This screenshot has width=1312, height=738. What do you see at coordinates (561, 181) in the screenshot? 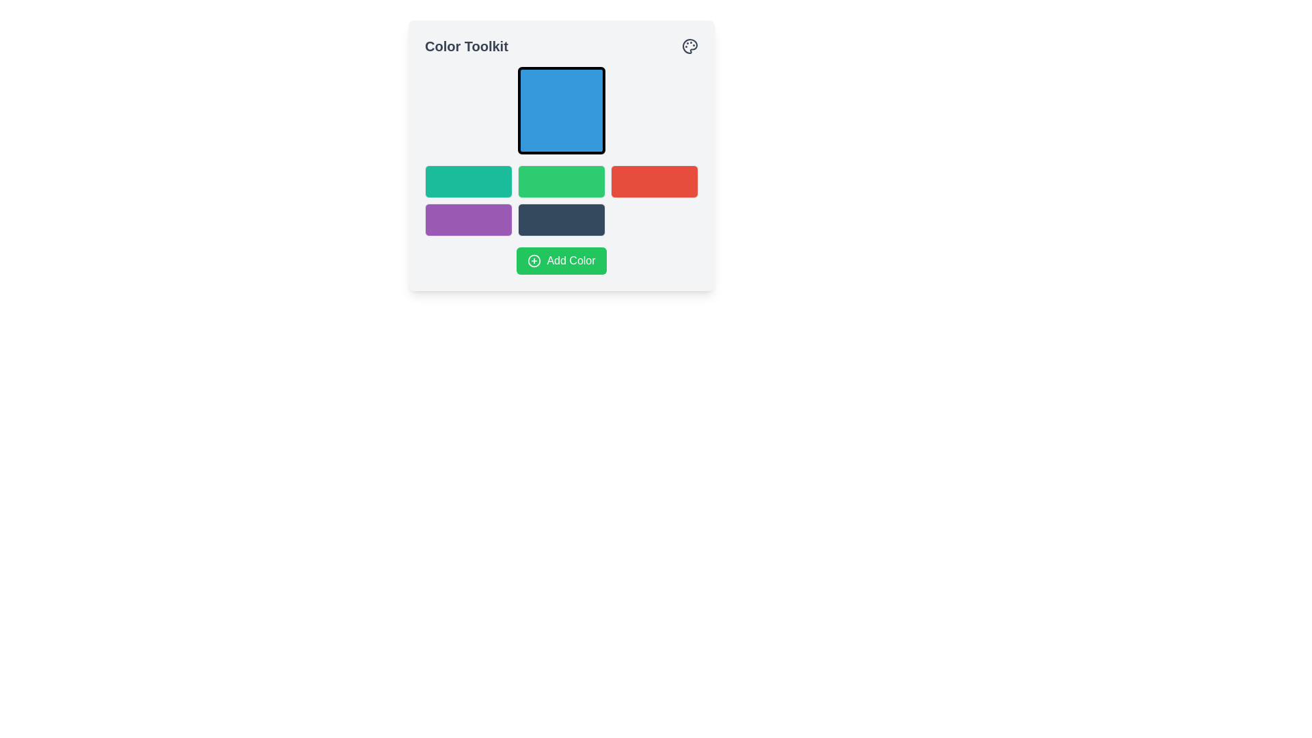
I see `the vibrant green button with rounded corners, located in the second position of the first row within a 3-column grid` at bounding box center [561, 181].